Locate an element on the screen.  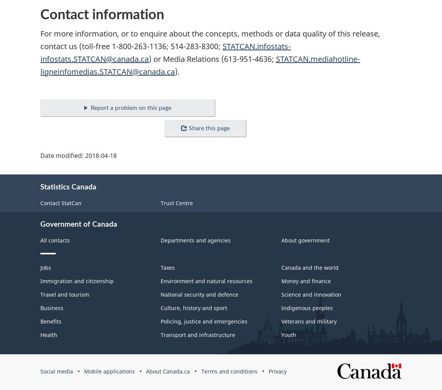
'Mobile applications' is located at coordinates (109, 371).